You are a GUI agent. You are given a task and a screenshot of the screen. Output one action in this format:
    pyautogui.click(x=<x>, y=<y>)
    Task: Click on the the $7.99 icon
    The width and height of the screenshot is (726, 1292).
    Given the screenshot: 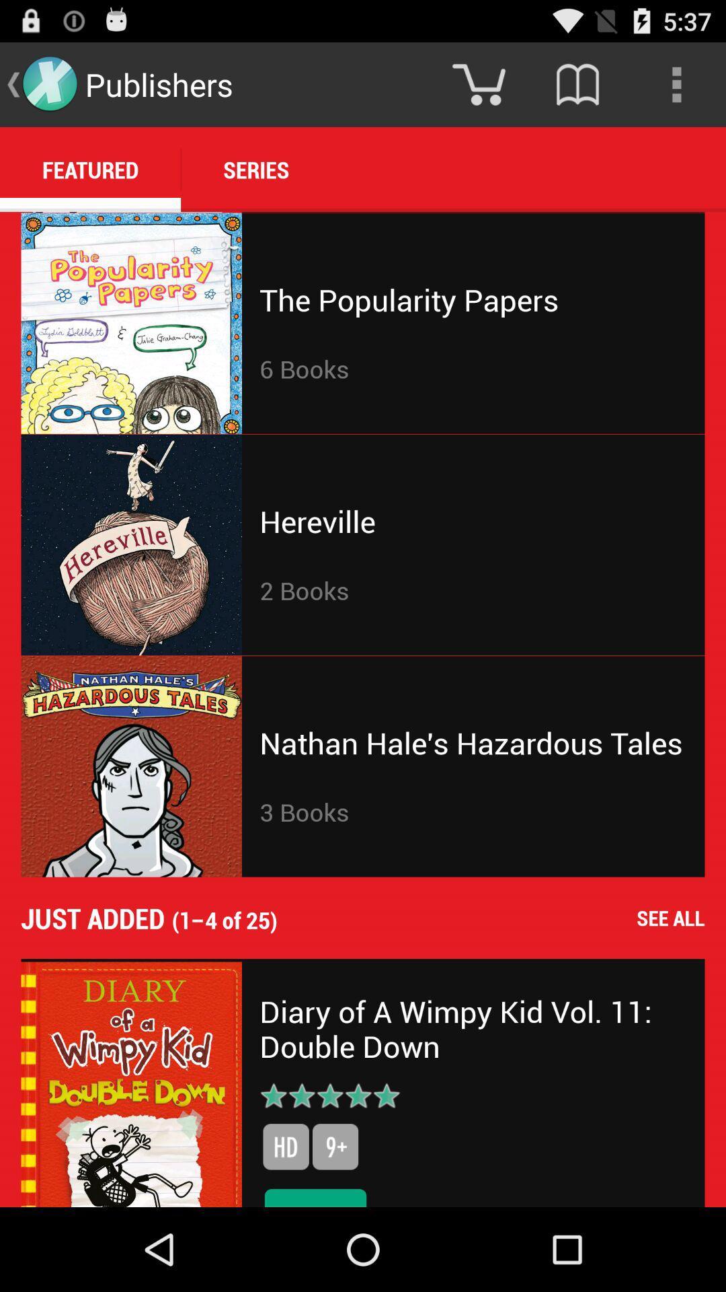 What is the action you would take?
    pyautogui.click(x=315, y=1195)
    